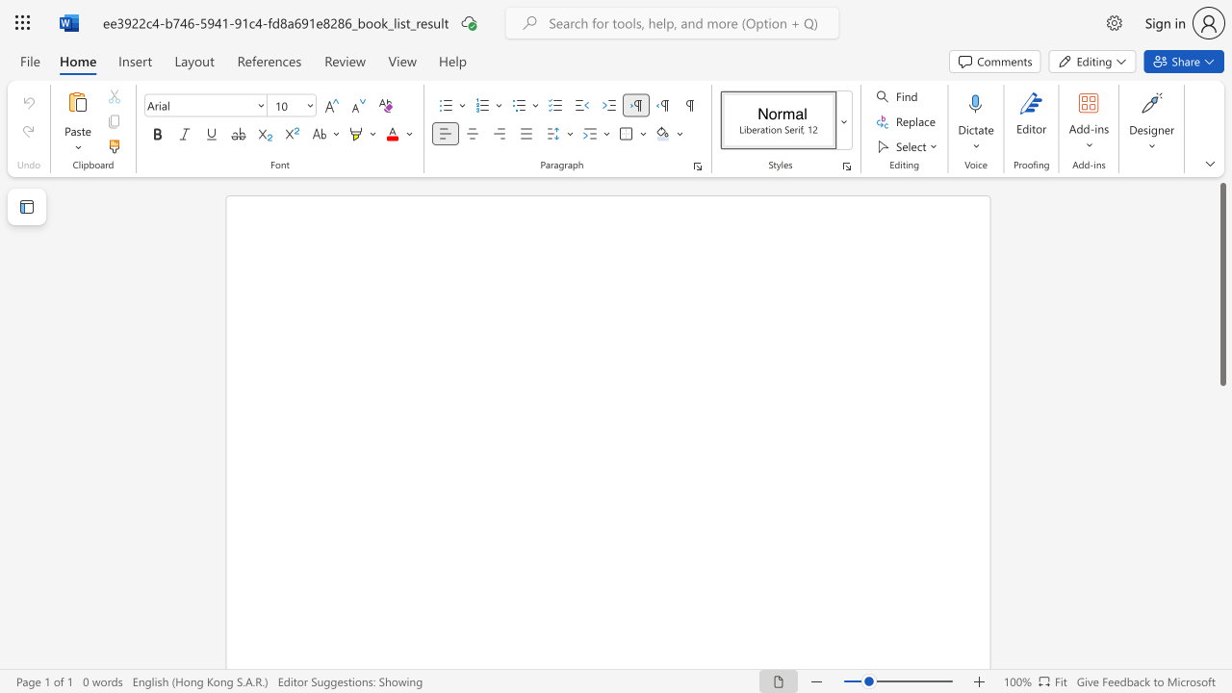  What do you see at coordinates (1221, 635) in the screenshot?
I see `the right-hand scrollbar to descend the page` at bounding box center [1221, 635].